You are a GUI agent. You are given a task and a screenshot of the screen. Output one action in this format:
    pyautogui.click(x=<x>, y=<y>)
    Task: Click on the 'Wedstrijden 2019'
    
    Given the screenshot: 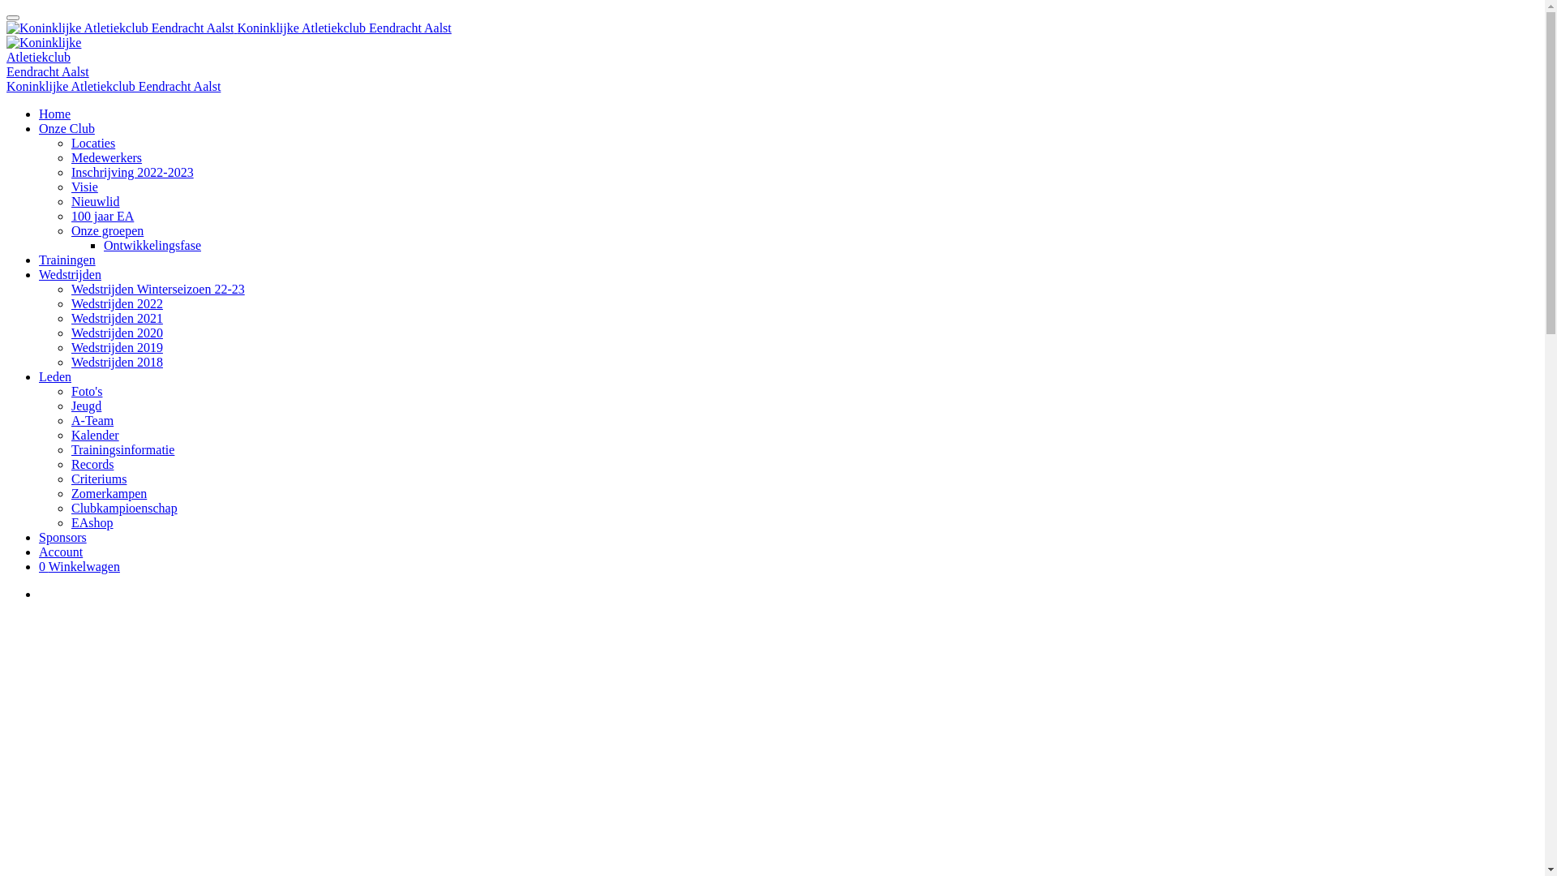 What is the action you would take?
    pyautogui.click(x=116, y=346)
    